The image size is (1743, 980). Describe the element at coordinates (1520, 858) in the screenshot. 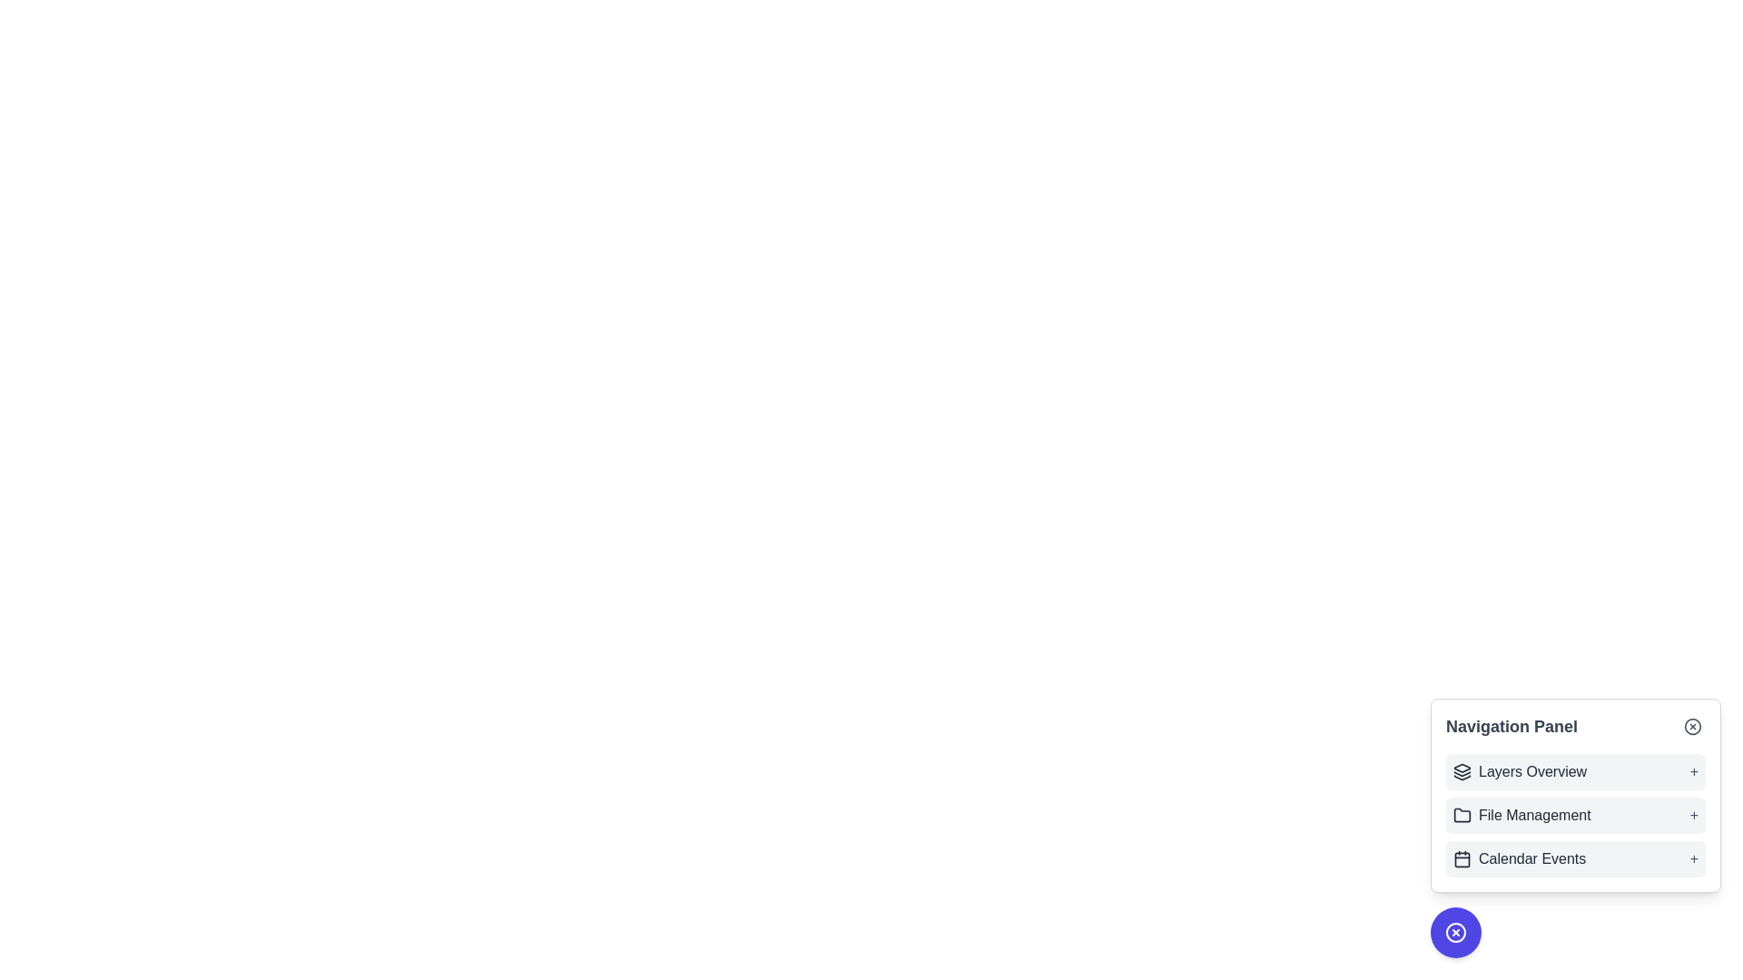

I see `text of the navigation link labeled 'Calendar Events' that is accompanied by a calendar icon, located in the third row of the navigation panel` at that location.